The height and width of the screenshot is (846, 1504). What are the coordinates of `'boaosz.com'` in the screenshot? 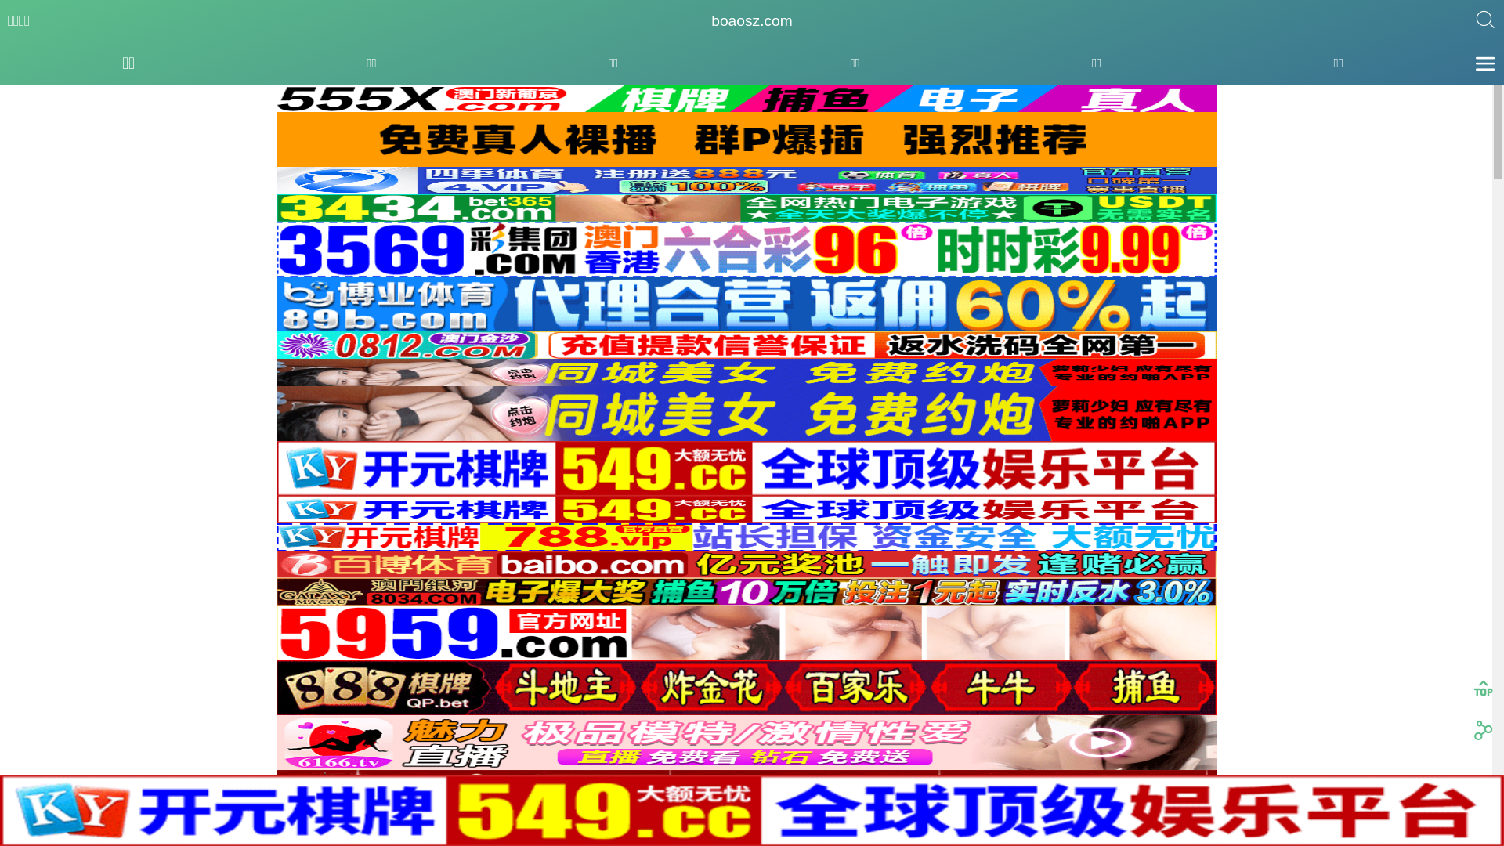 It's located at (710, 21).